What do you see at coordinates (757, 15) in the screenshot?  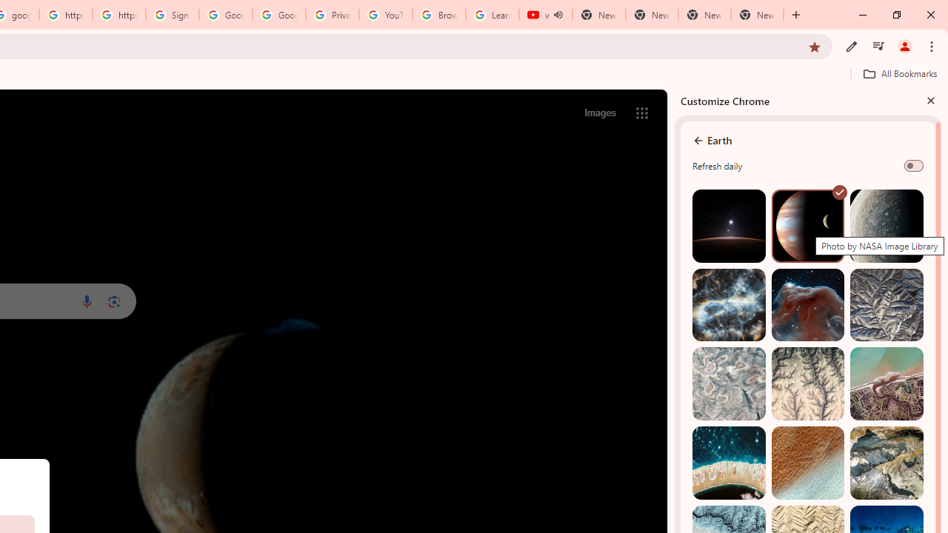 I see `'New Tab'` at bounding box center [757, 15].